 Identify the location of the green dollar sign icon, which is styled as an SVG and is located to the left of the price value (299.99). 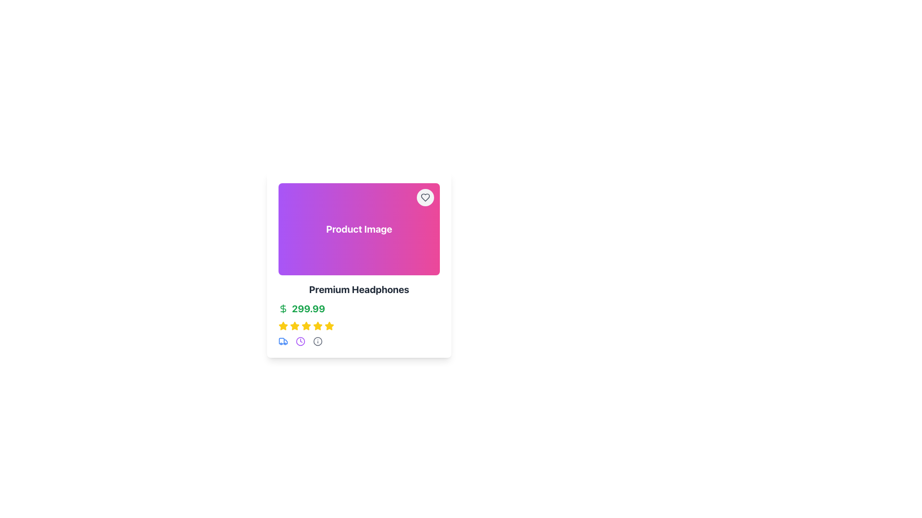
(283, 309).